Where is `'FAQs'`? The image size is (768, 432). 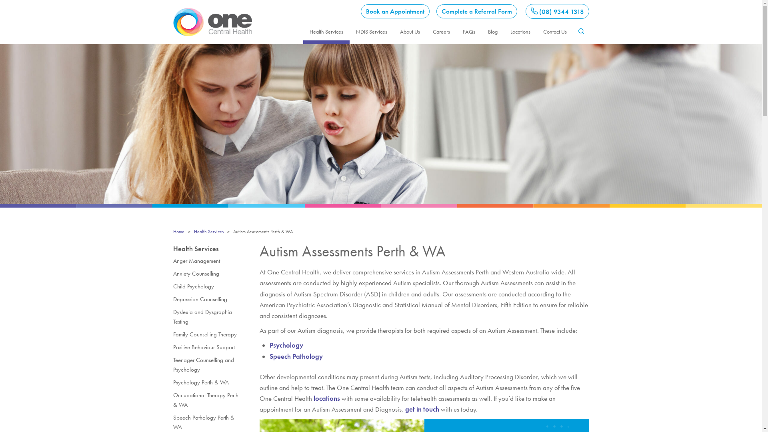 'FAQs' is located at coordinates (468, 31).